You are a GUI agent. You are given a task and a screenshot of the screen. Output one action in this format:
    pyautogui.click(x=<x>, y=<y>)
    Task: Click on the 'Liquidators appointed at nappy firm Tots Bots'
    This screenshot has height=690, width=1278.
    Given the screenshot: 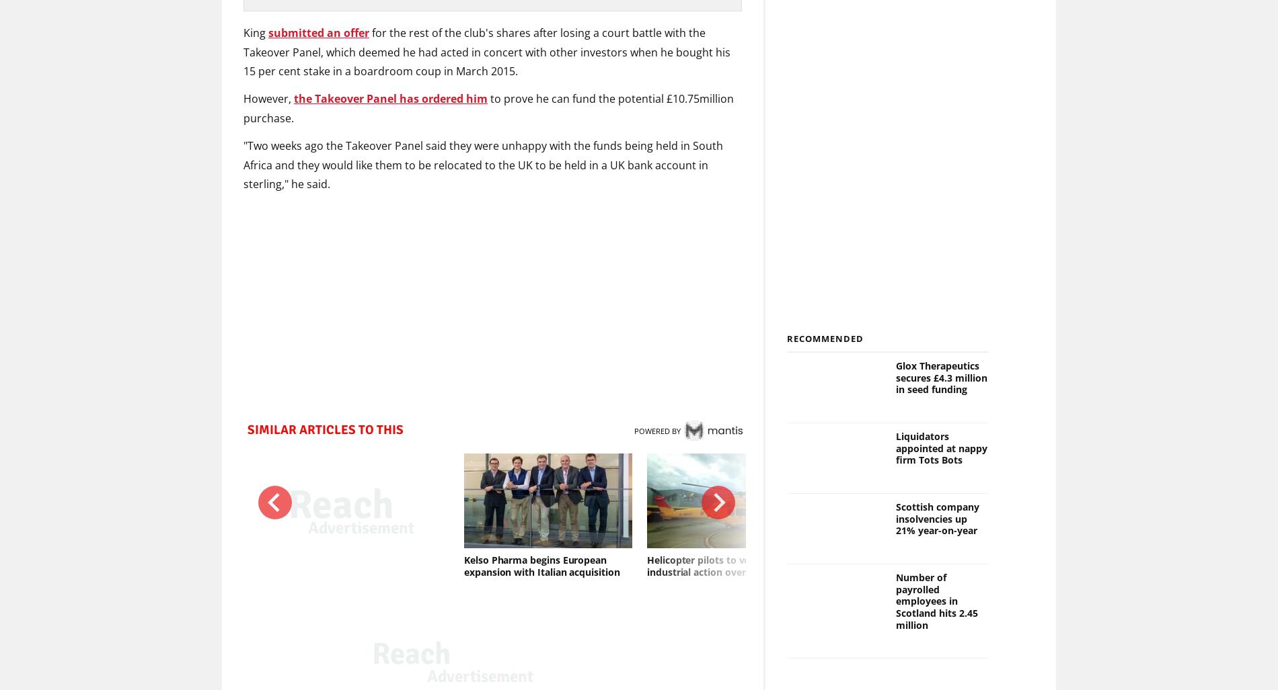 What is the action you would take?
    pyautogui.click(x=940, y=447)
    